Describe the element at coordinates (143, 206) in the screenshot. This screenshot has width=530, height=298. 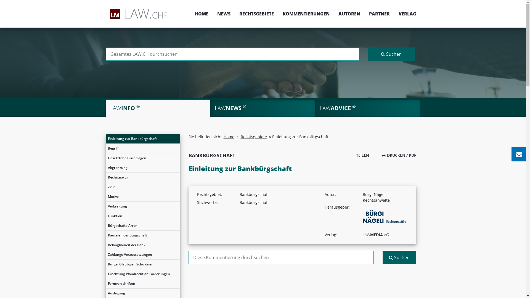
I see `'Verbreitung'` at that location.